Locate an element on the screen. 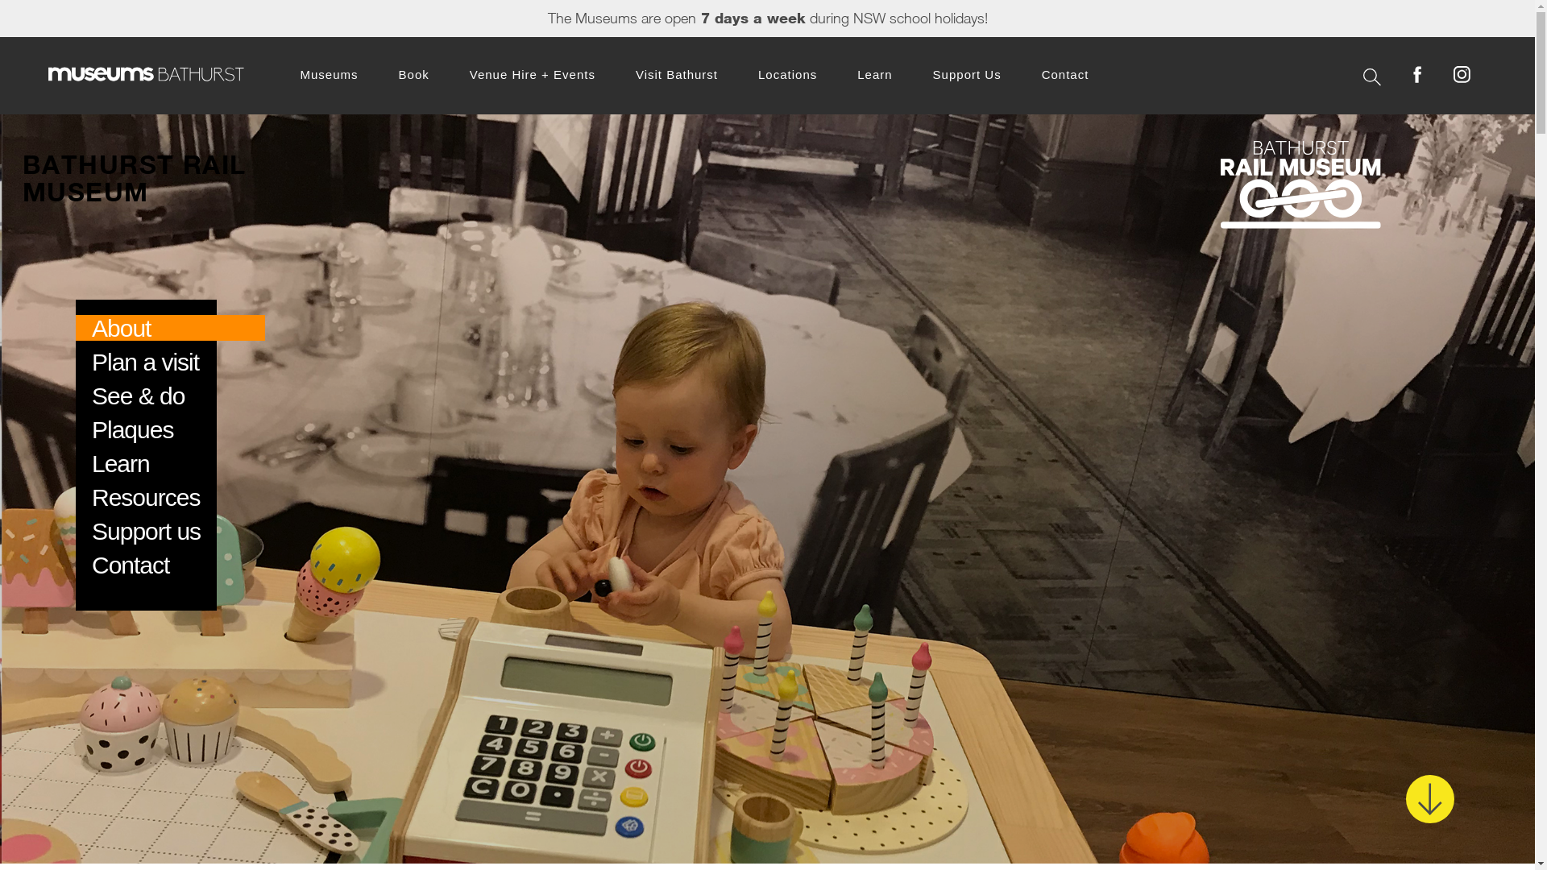  'Visit Bathurst' is located at coordinates (677, 74).